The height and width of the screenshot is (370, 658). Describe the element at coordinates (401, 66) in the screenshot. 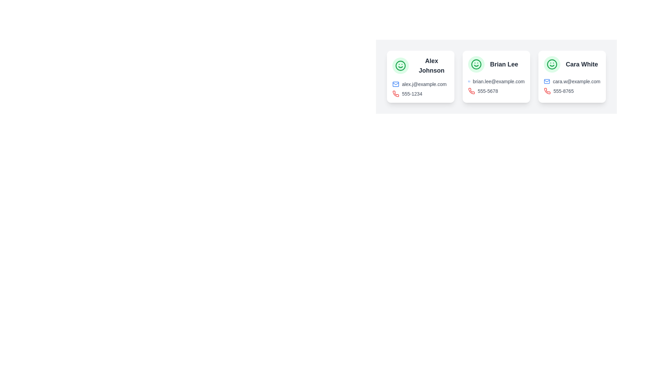

I see `the circular green-bordered icon indicating the mood or status of 'Alex Johnson' in the first profile card from the left` at that location.